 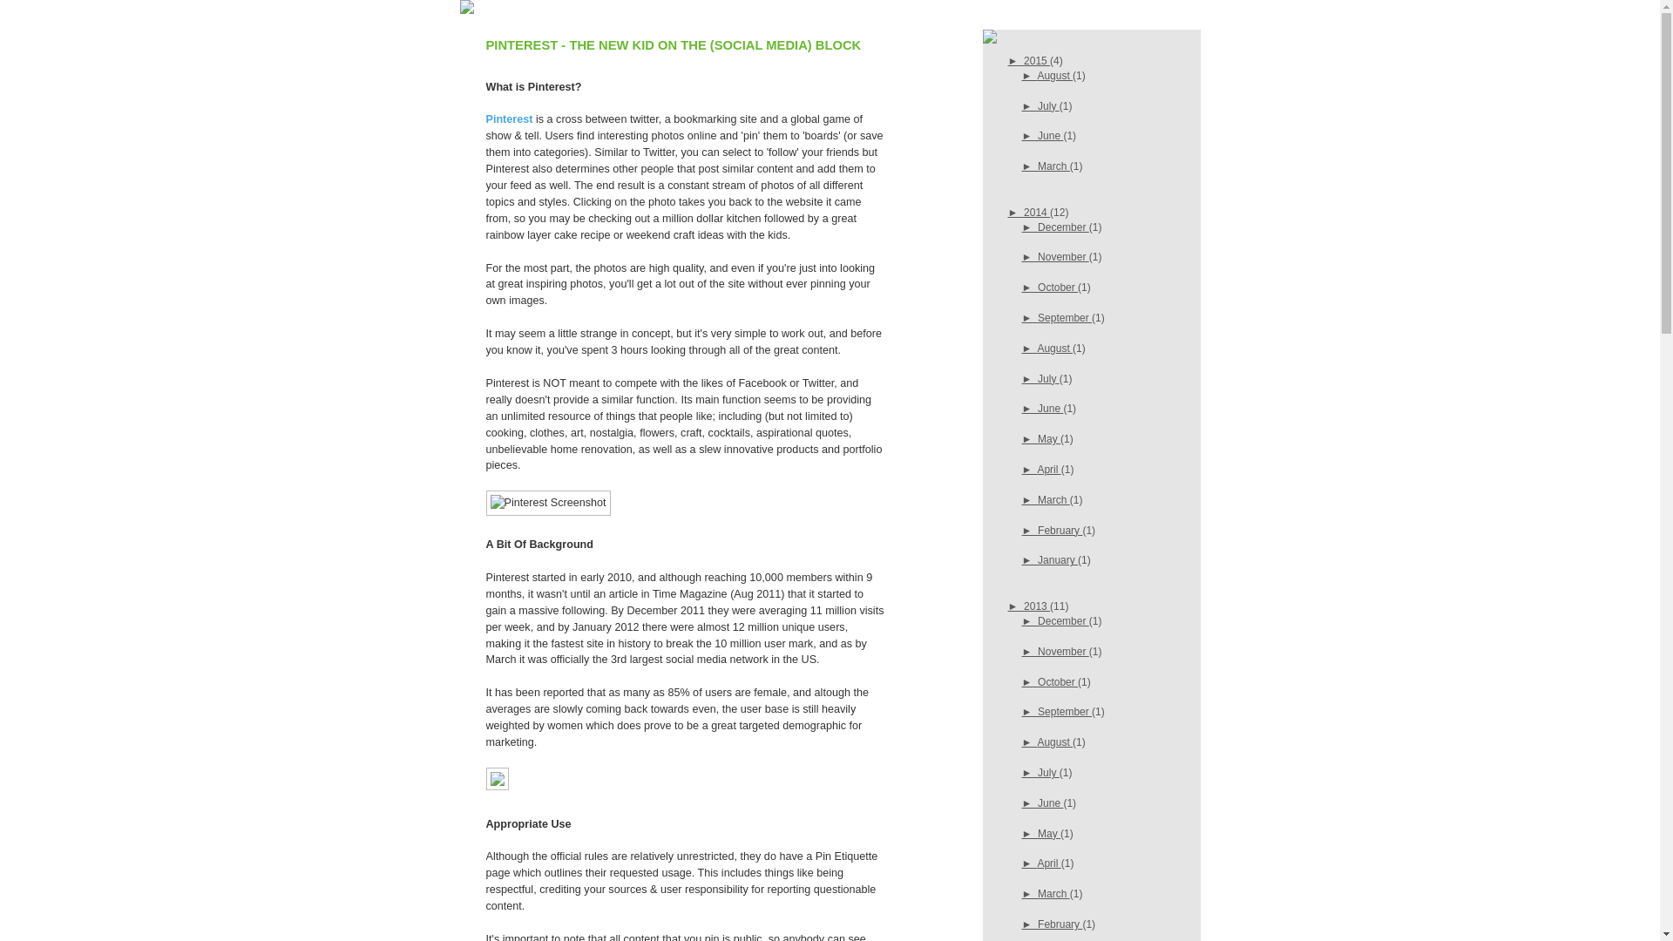 I want to click on '2013', so click(x=1037, y=605).